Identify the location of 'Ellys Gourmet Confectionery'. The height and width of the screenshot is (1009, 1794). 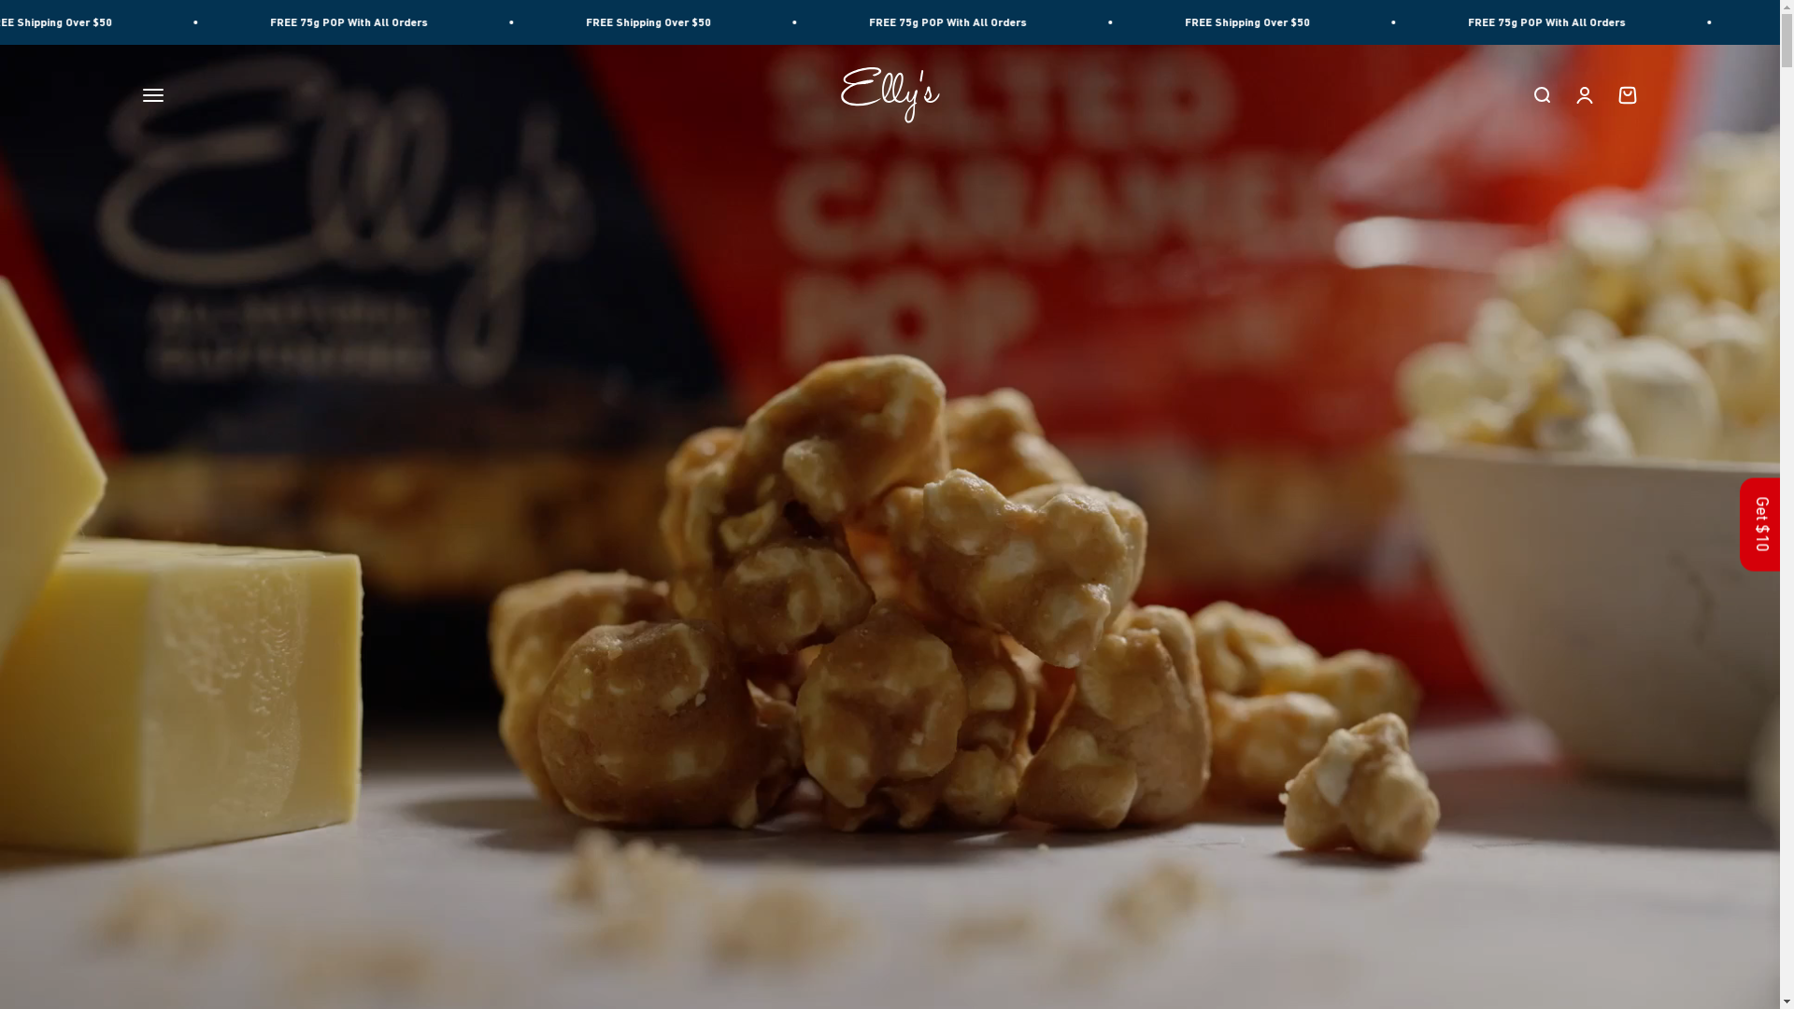
(890, 94).